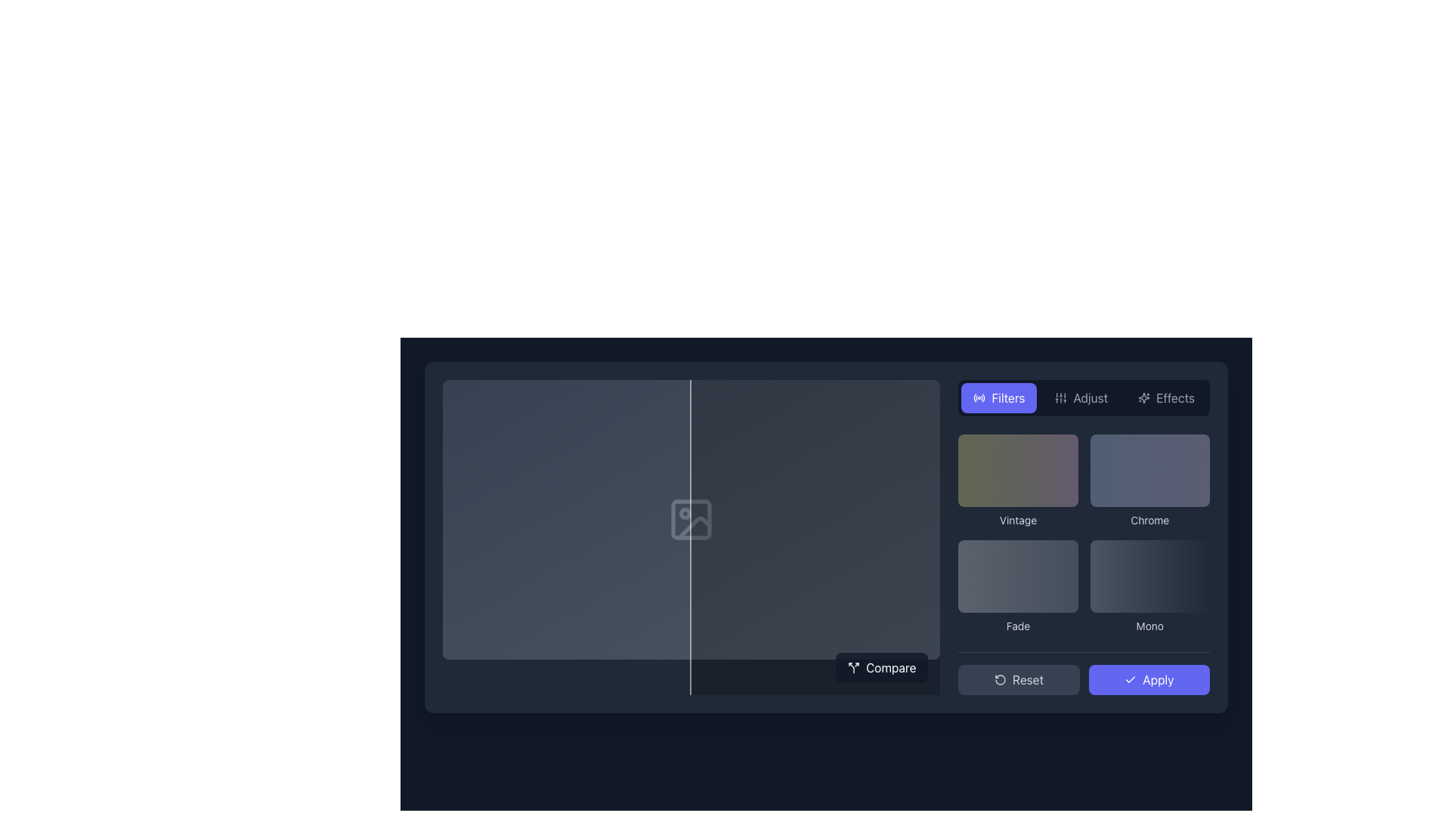  Describe the element at coordinates (1149, 470) in the screenshot. I see `the interactive visual button labeled 'Chrome'` at that location.